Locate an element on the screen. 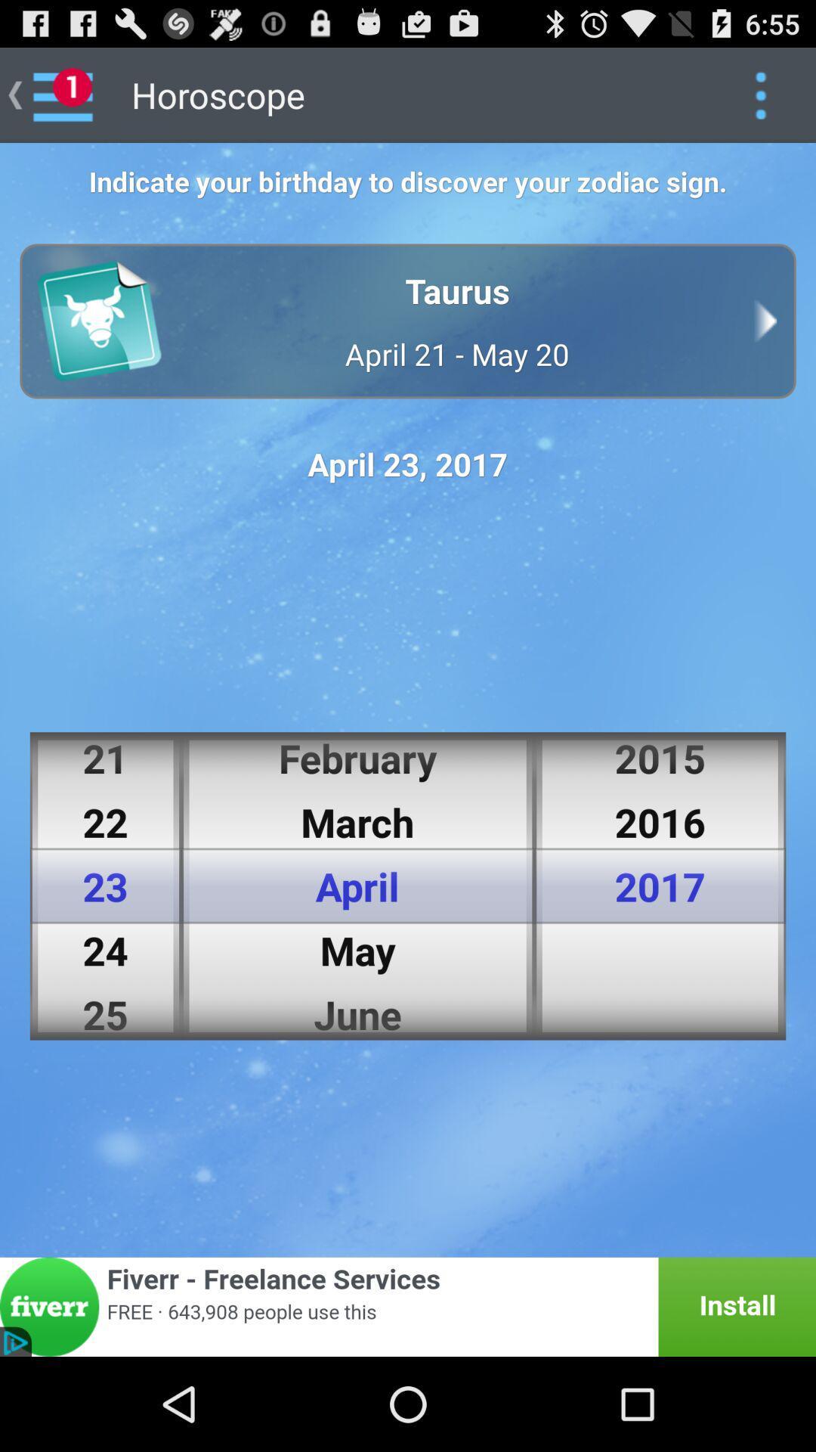 This screenshot has height=1452, width=816. app to the right of horoscope app is located at coordinates (760, 94).